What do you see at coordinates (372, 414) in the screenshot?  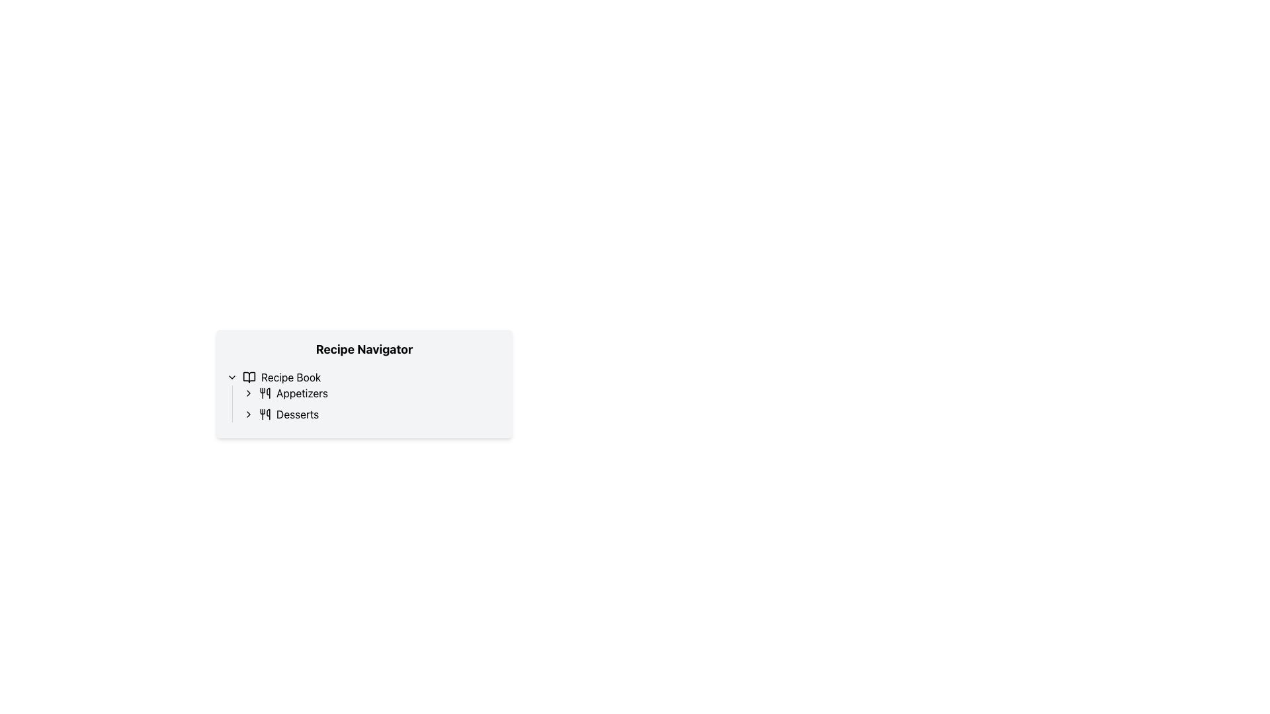 I see `the 'Desserts' collapsible menu item located under the 'Recipe Book' section` at bounding box center [372, 414].